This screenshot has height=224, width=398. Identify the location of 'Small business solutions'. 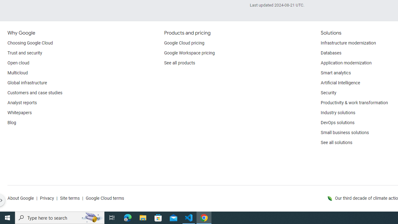
(344, 132).